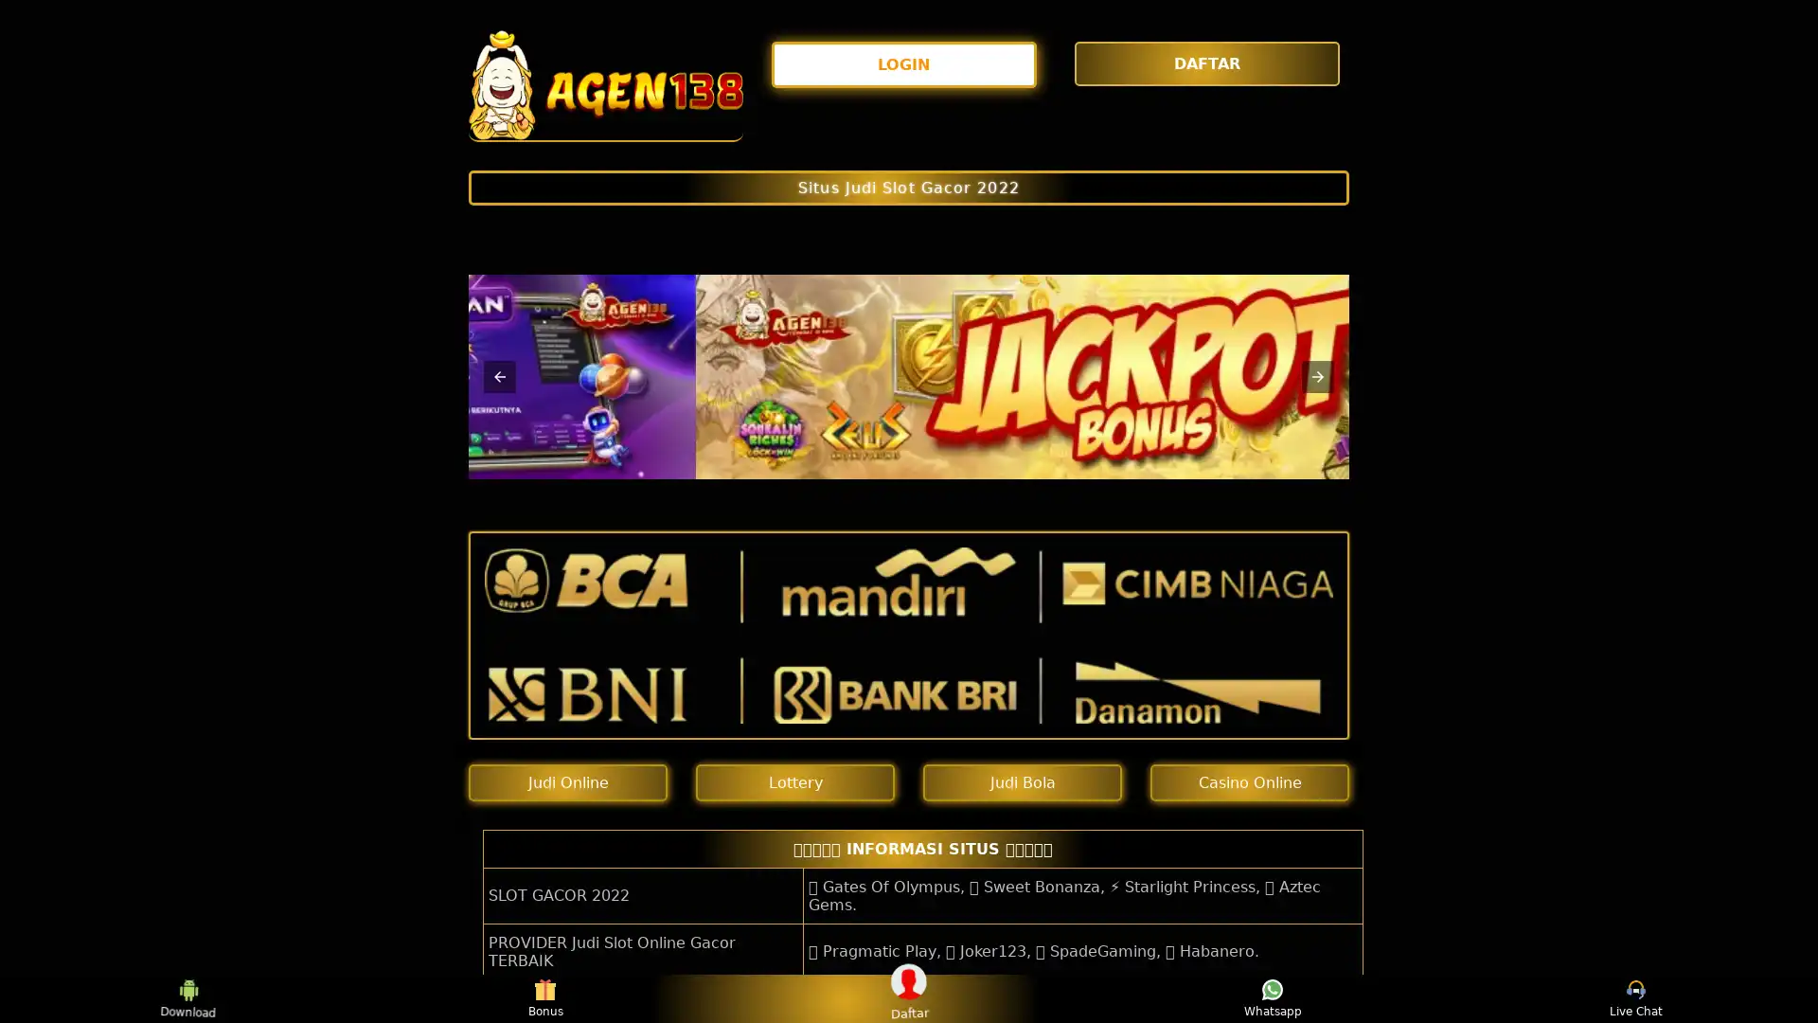  I want to click on Previous item in carousel (2 of 3), so click(500, 376).